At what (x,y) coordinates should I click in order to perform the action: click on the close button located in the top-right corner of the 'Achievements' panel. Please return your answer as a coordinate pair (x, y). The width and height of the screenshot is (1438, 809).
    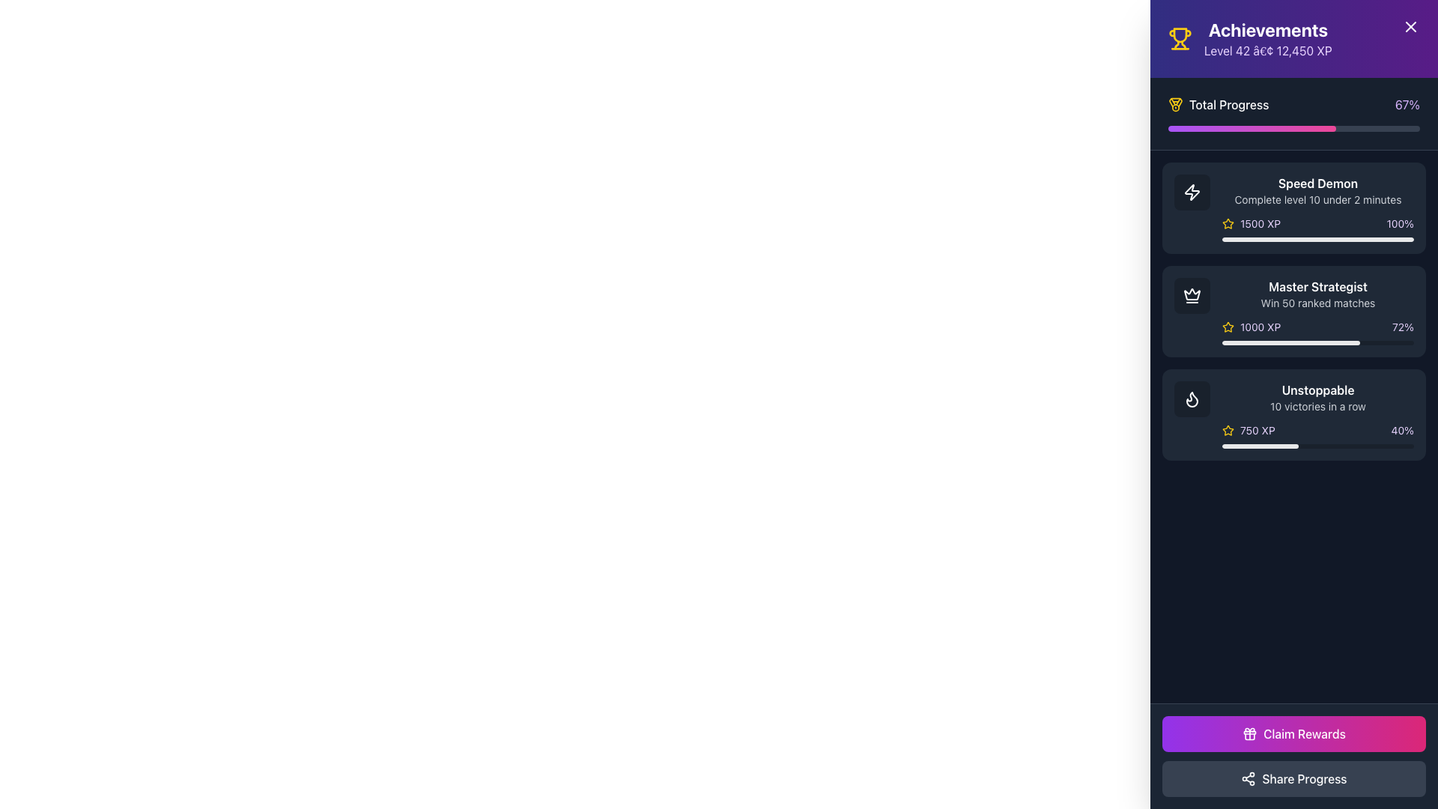
    Looking at the image, I should click on (1410, 26).